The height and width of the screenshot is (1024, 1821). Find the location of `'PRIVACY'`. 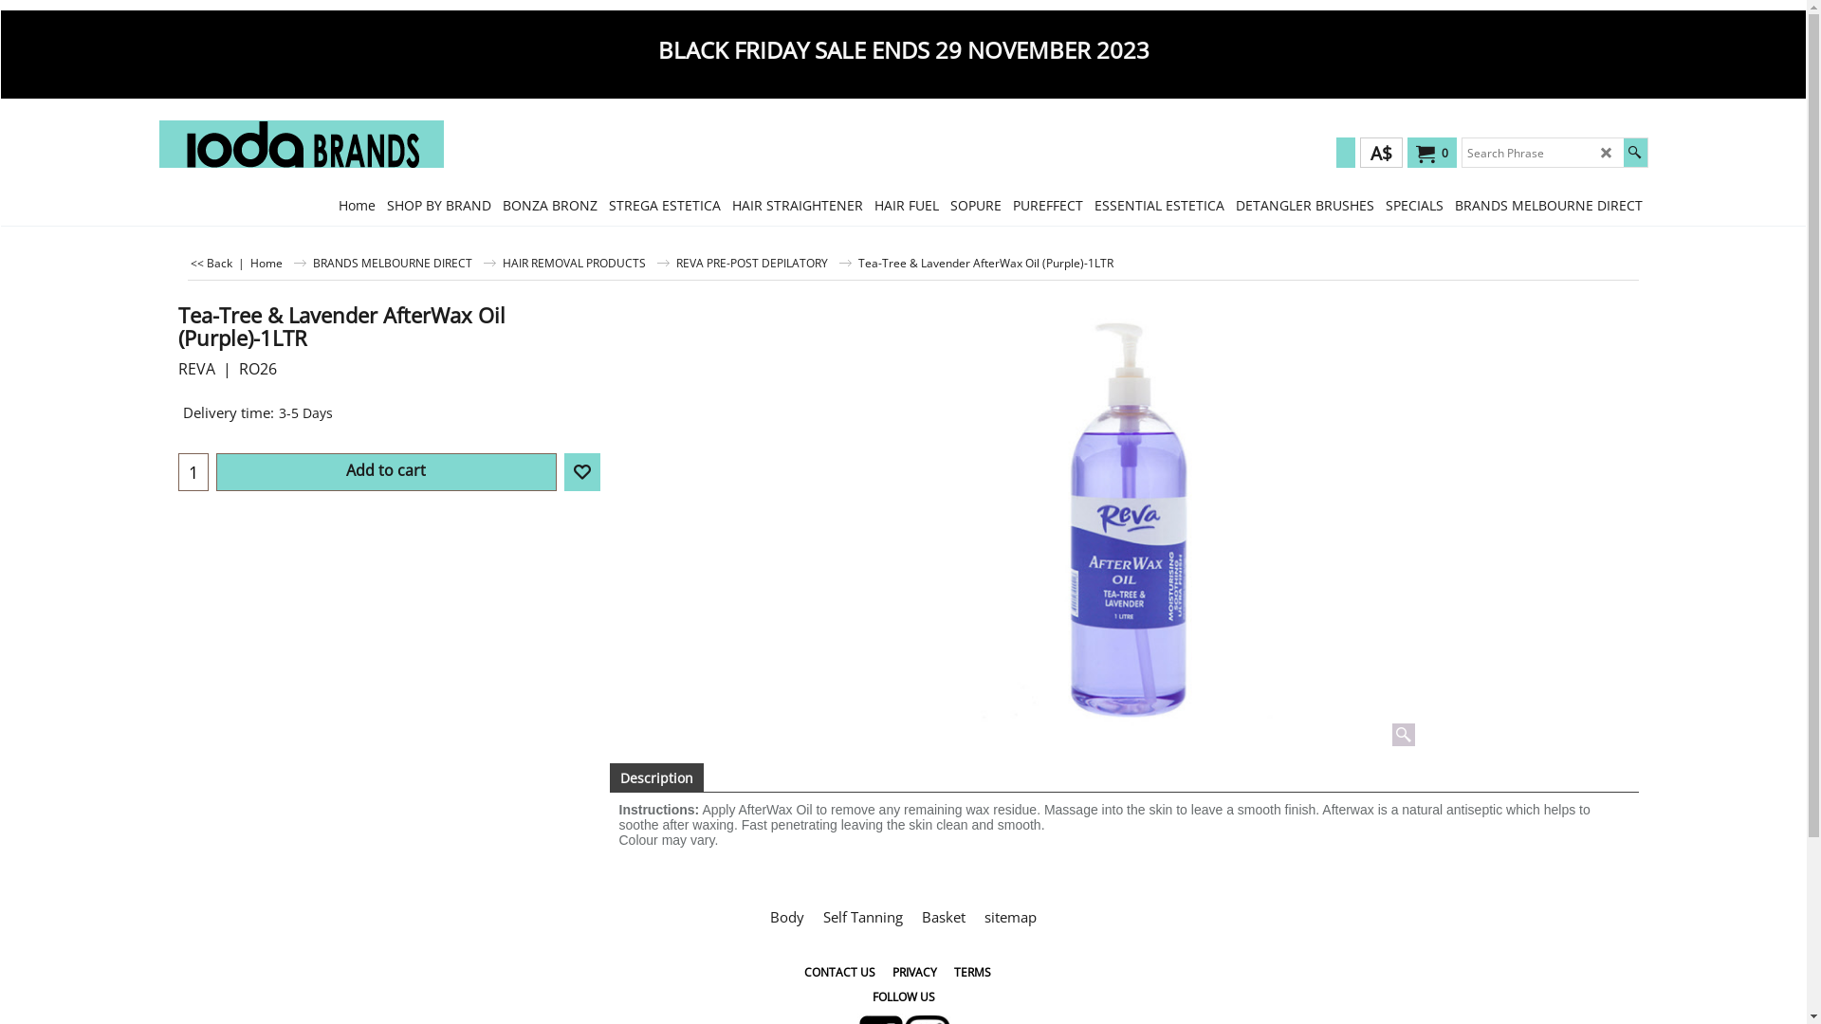

'PRIVACY' is located at coordinates (914, 972).